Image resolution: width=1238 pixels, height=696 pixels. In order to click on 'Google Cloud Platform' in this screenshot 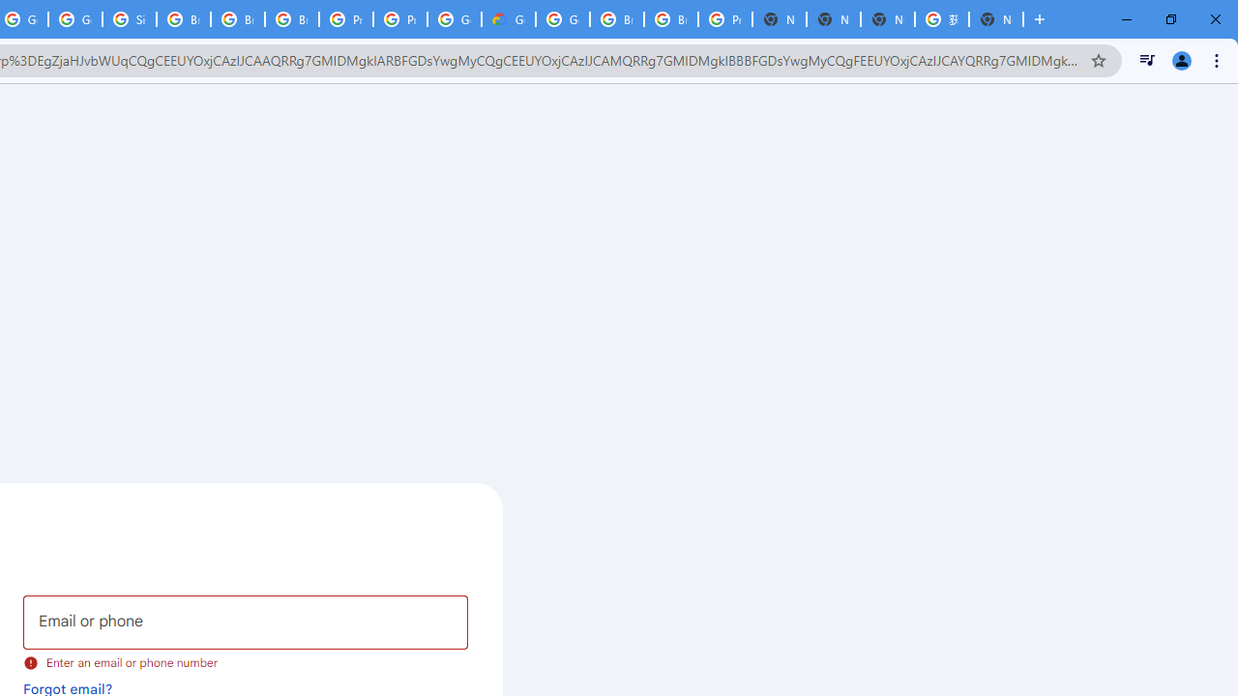, I will do `click(562, 19)`.